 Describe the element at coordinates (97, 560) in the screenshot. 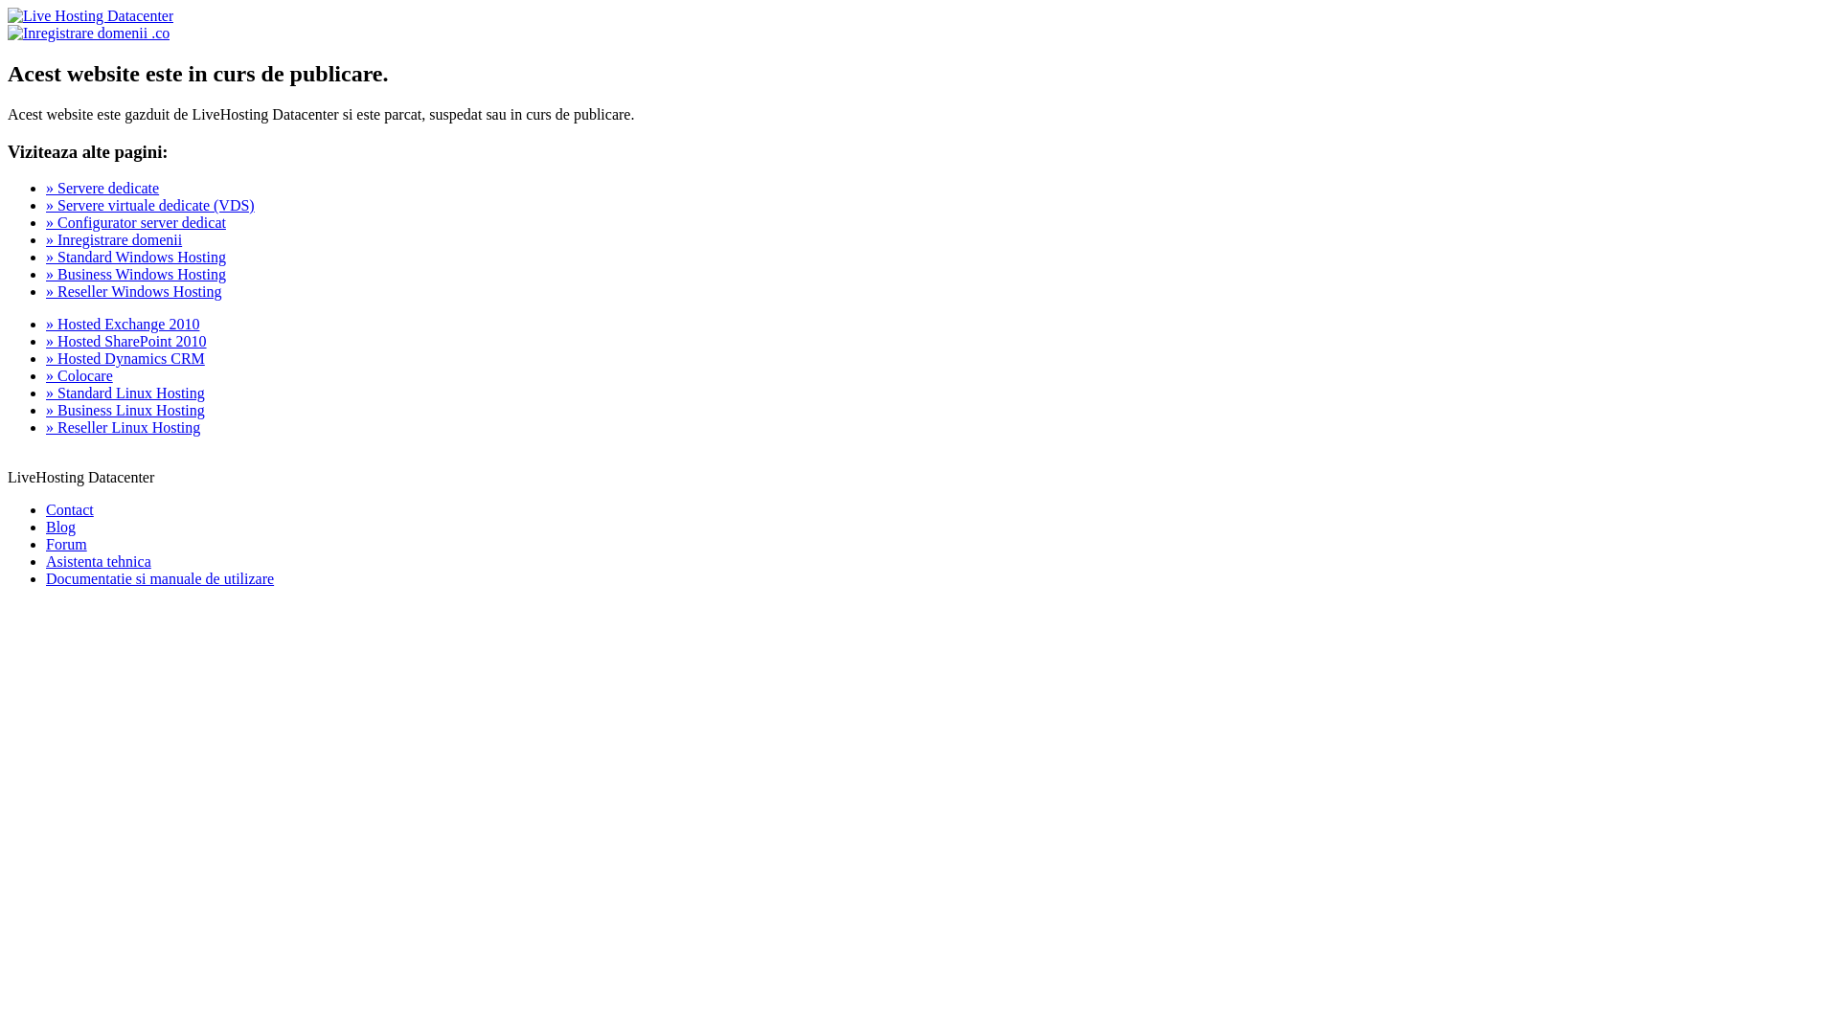

I see `'Asistenta tehnica'` at that location.